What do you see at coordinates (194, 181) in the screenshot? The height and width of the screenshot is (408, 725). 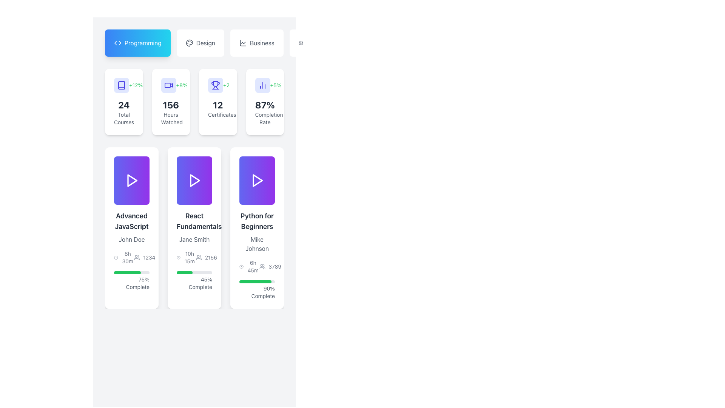 I see `the media playback icon centered within the second card labeled 'React Fundamentals'` at bounding box center [194, 181].